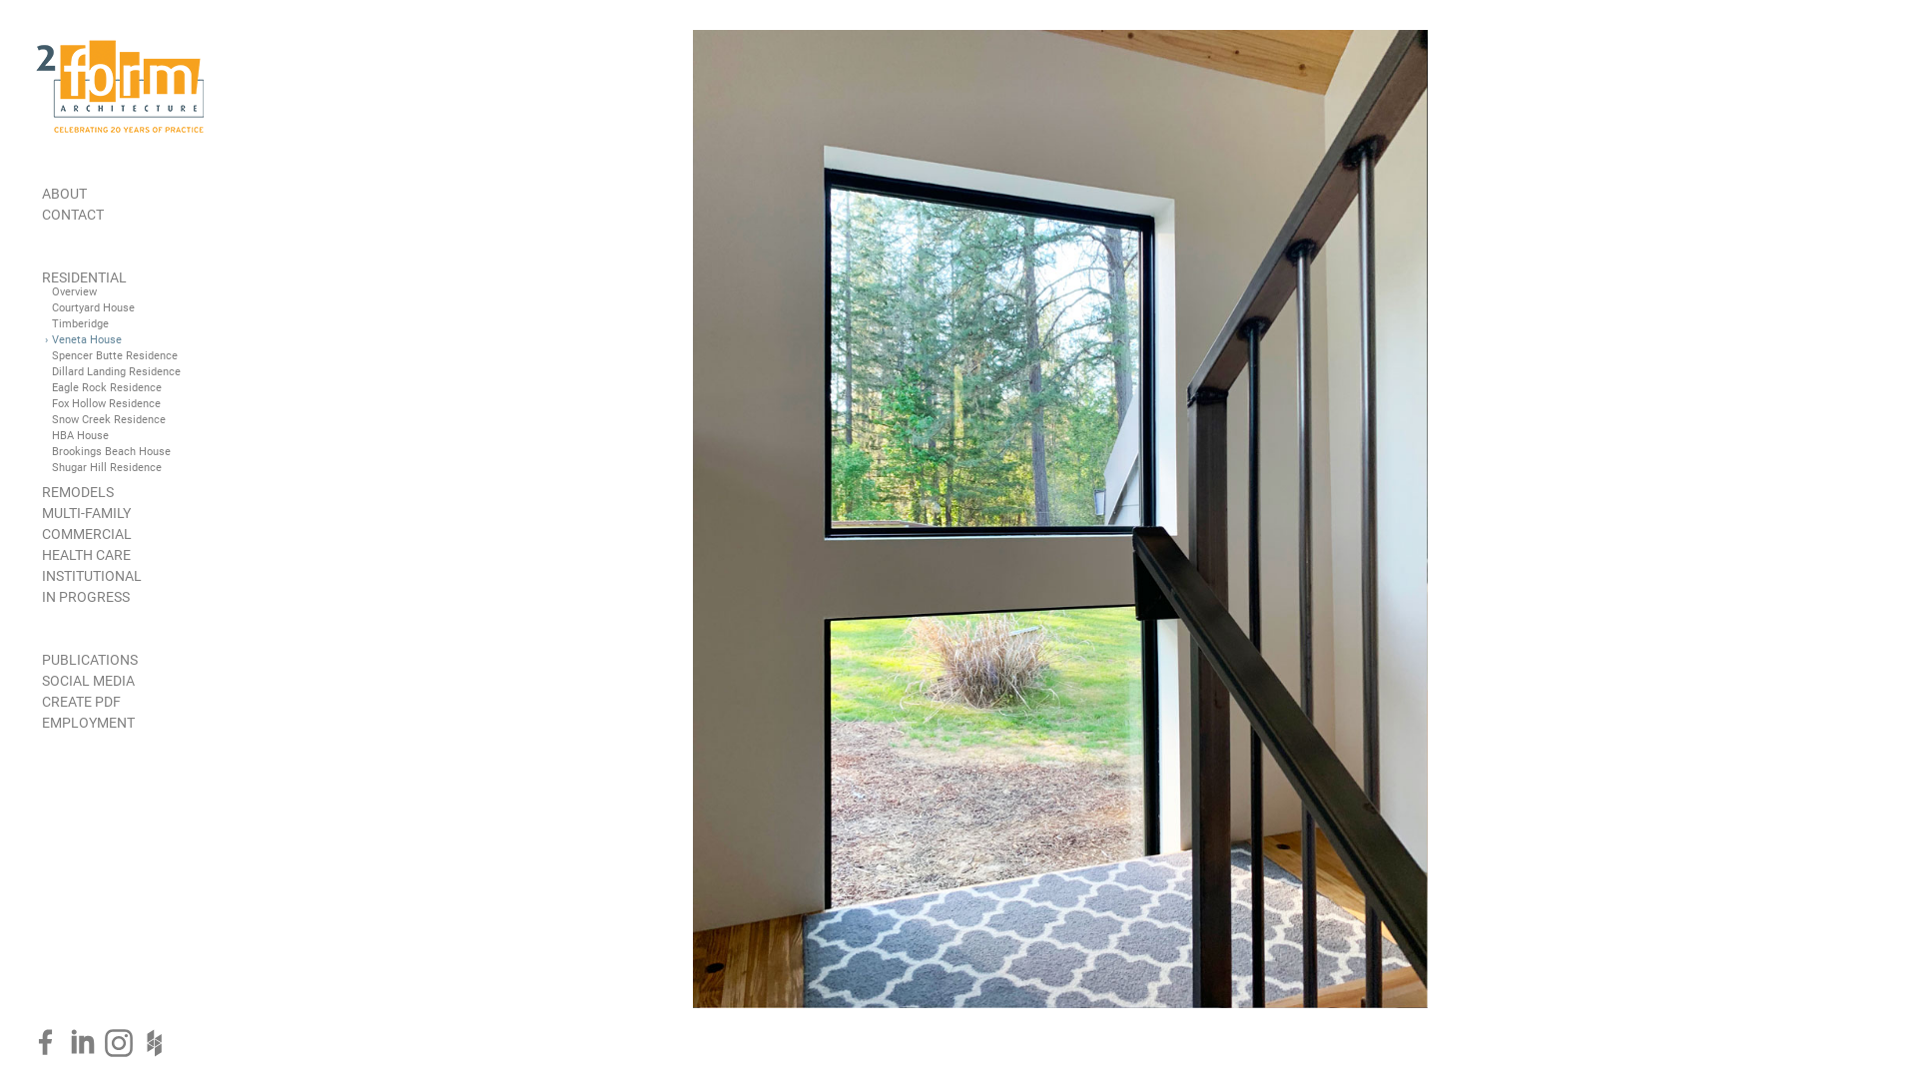 This screenshot has height=1078, width=1917. What do you see at coordinates (105, 467) in the screenshot?
I see `'Shugar Hill Residence'` at bounding box center [105, 467].